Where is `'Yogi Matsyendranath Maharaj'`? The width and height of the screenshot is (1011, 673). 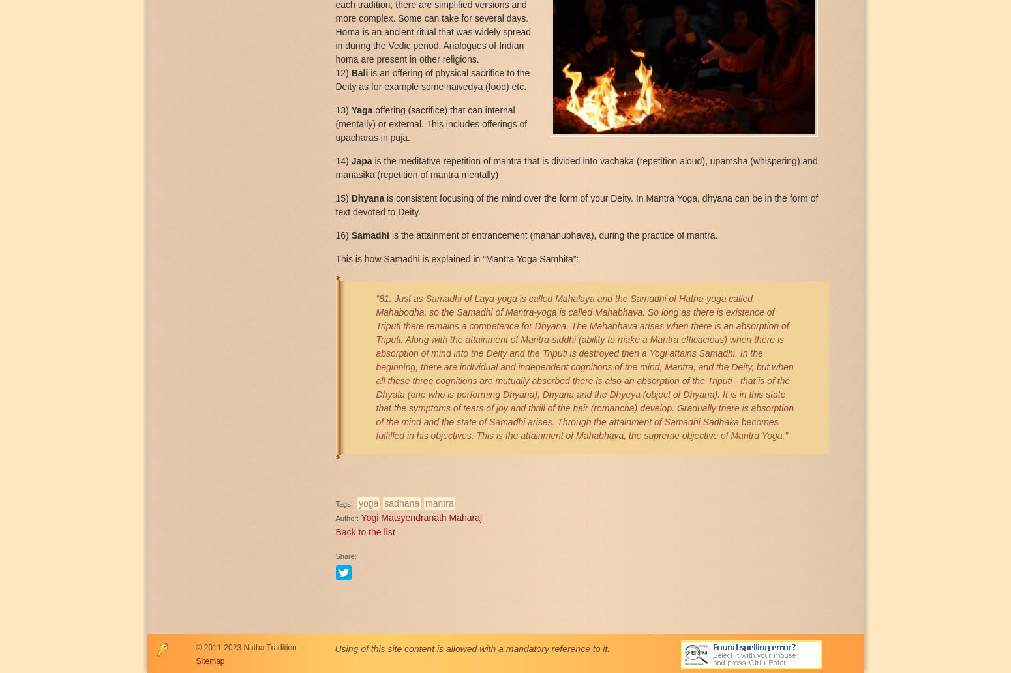 'Yogi Matsyendranath Maharaj' is located at coordinates (421, 516).